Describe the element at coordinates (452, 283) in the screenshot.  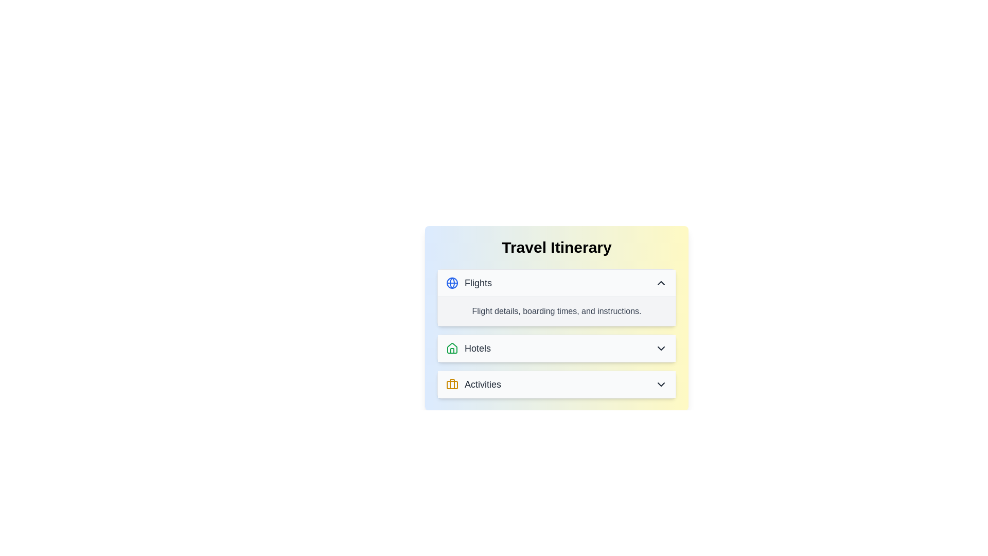
I see `the central circle of the globe icon located to the left of the 'Flights' label in the 'Travel Itinerary' section` at that location.